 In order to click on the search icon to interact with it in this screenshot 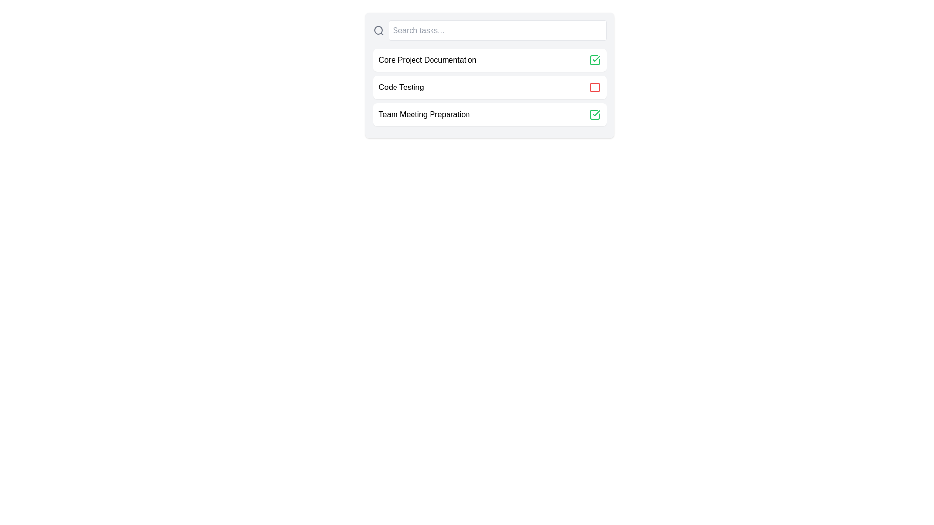, I will do `click(378, 30)`.